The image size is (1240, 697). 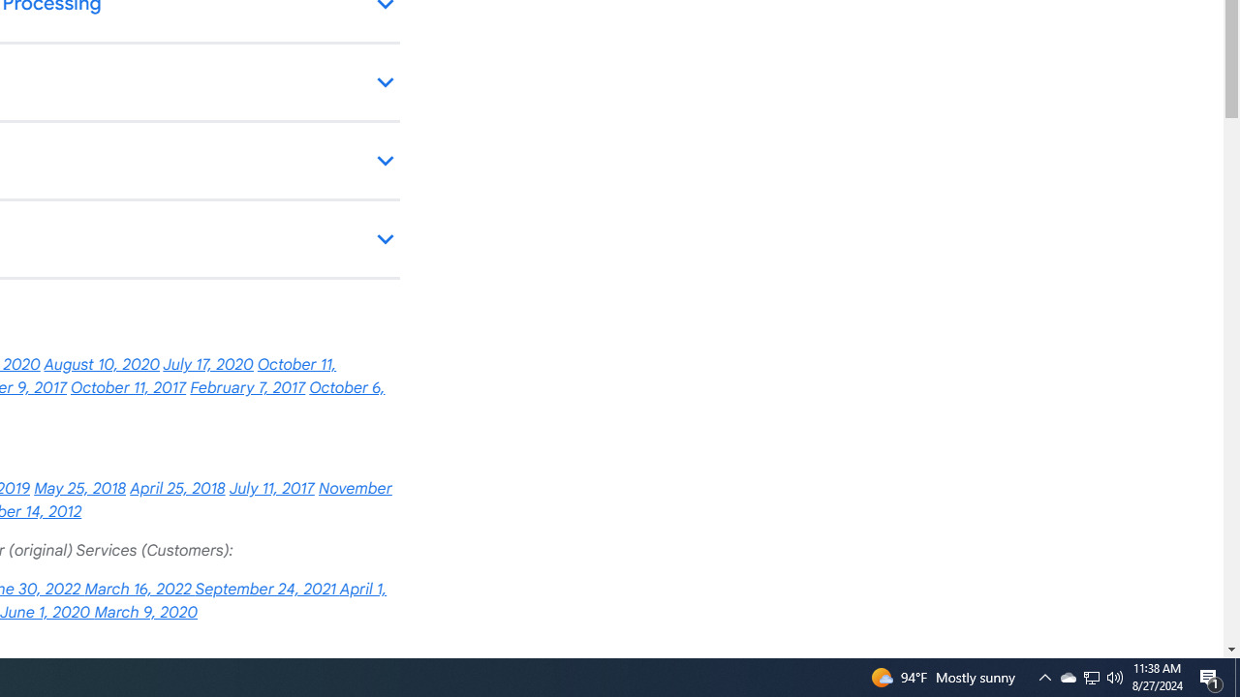 I want to click on 'April 25, 2018', so click(x=177, y=488).